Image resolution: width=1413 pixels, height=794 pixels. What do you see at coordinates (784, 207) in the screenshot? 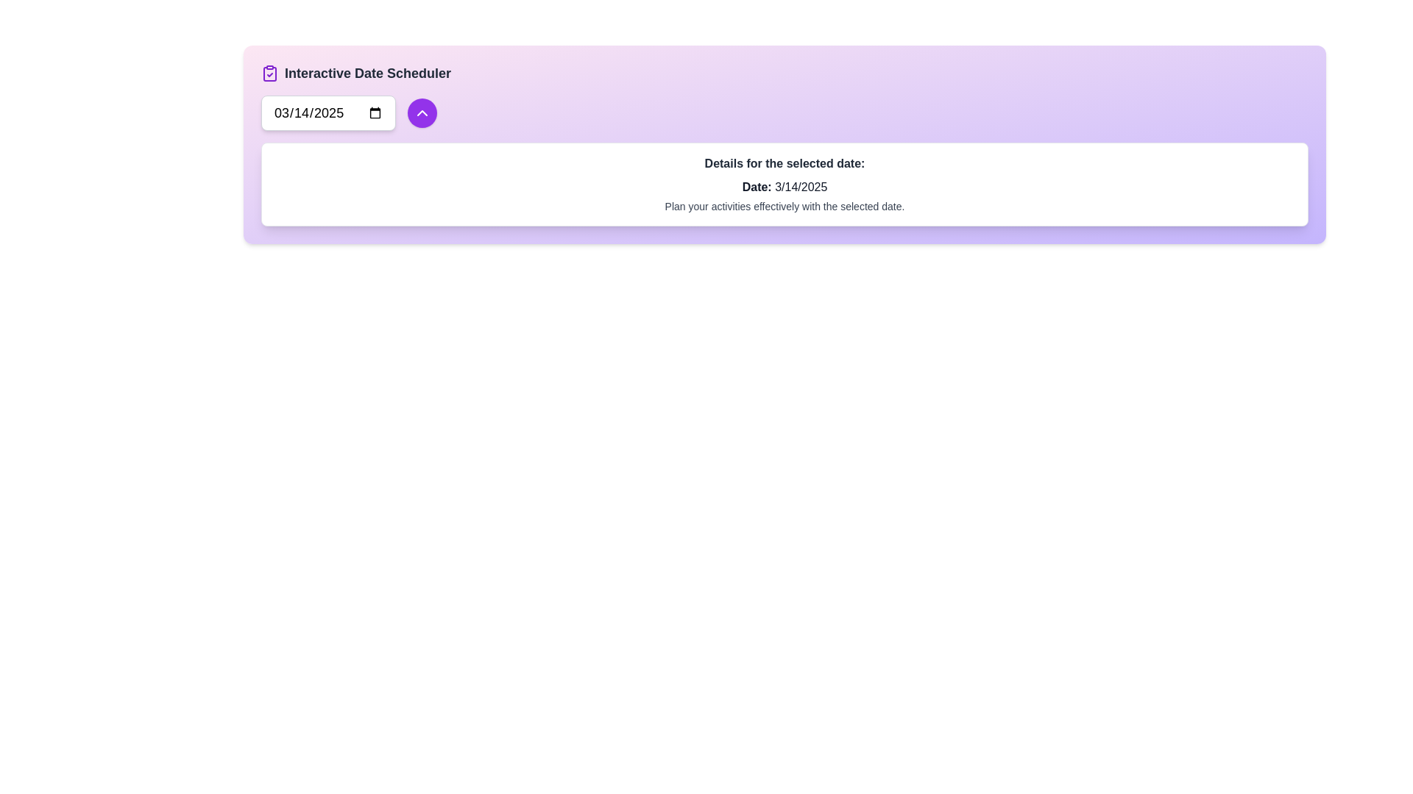
I see `the informational text that provides instructions related to the selected date, located underneath 'Date: 3/14/2025.'` at bounding box center [784, 207].